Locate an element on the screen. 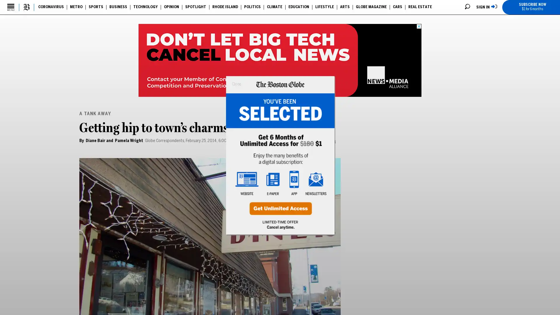  Close is located at coordinates (236, 84).